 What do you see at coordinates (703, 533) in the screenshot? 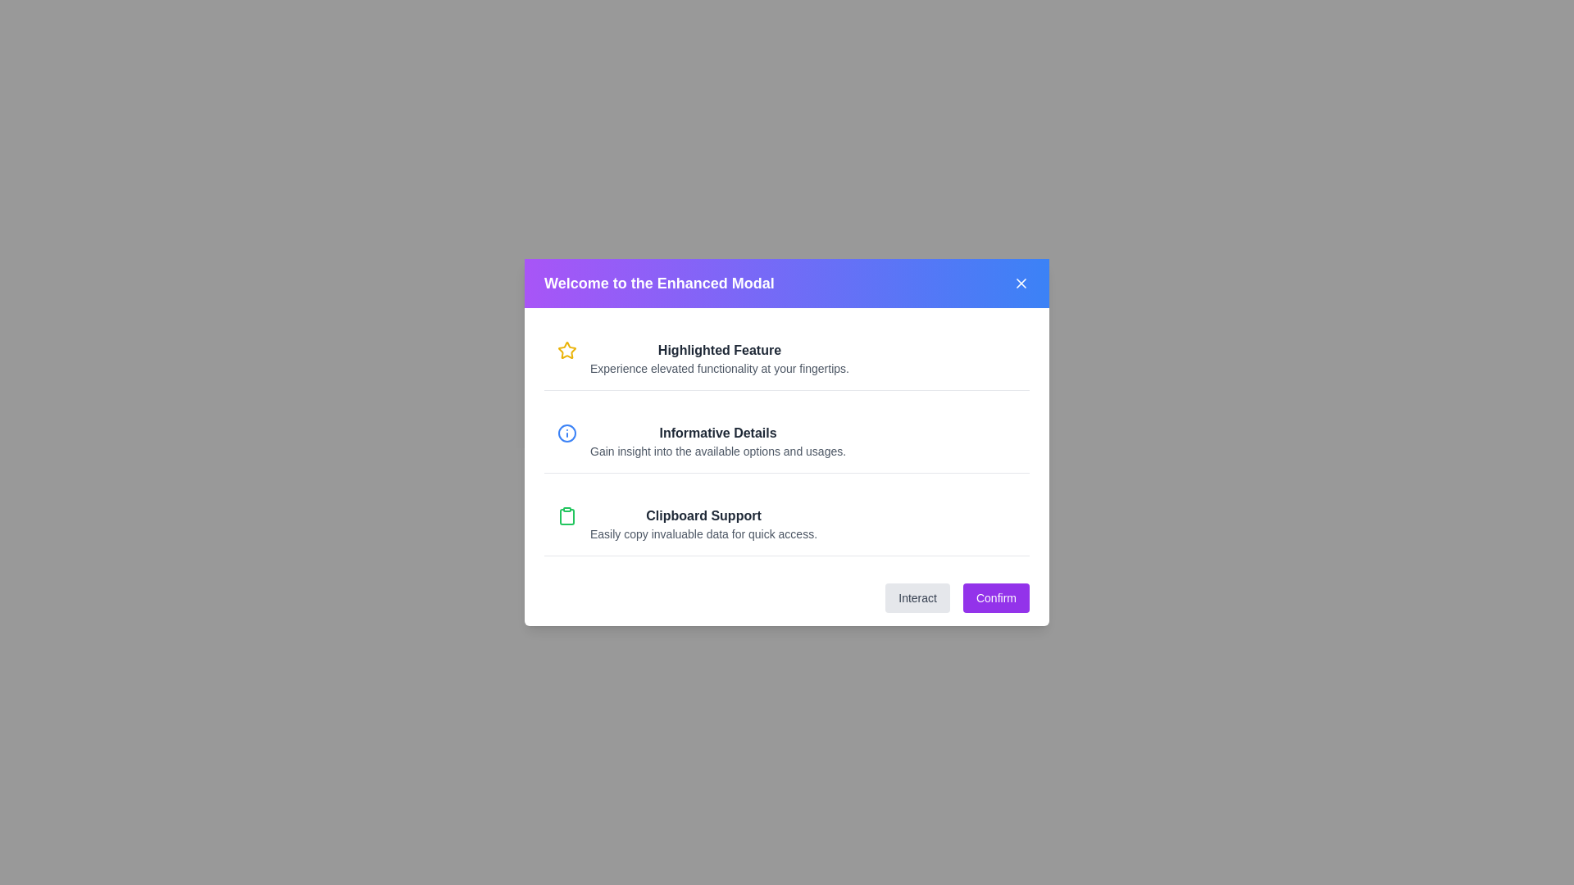
I see `descriptive text located below the 'Clipboard Support' heading in the modal dialog box, which explains the utility of the 'Clipboard Support' feature` at bounding box center [703, 533].